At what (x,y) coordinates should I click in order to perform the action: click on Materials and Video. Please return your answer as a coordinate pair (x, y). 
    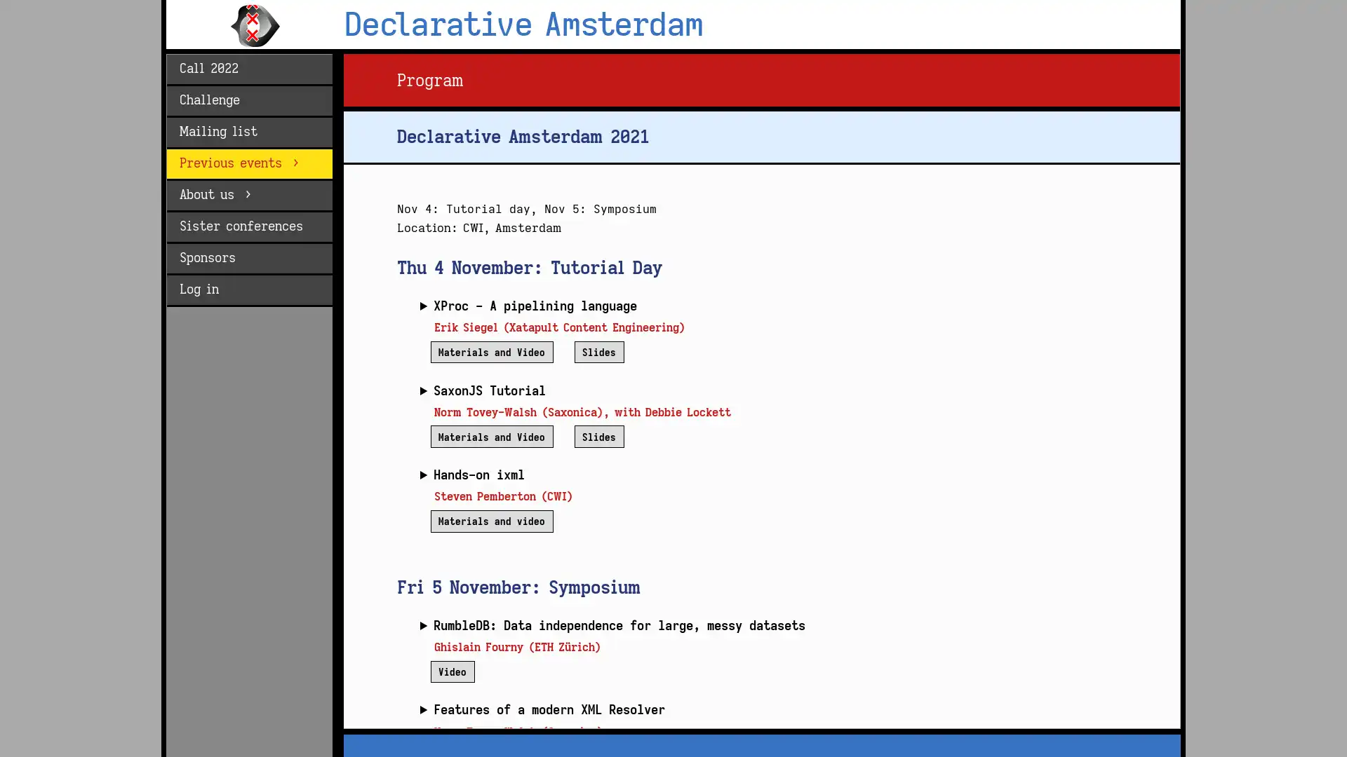
    Looking at the image, I should click on (491, 435).